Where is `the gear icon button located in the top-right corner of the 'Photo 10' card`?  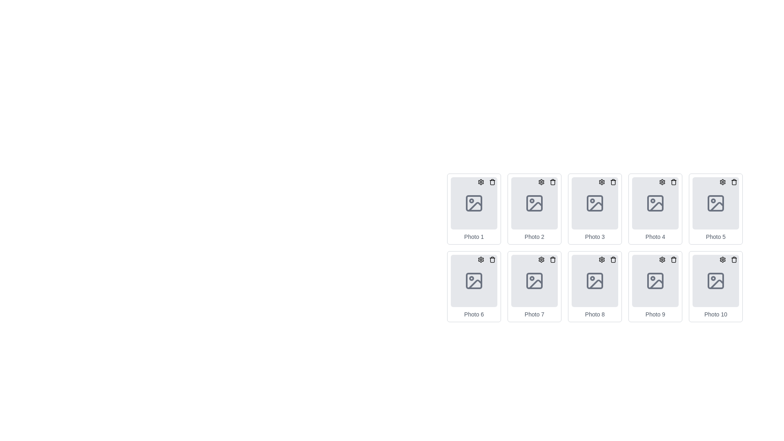 the gear icon button located in the top-right corner of the 'Photo 10' card is located at coordinates (723, 260).